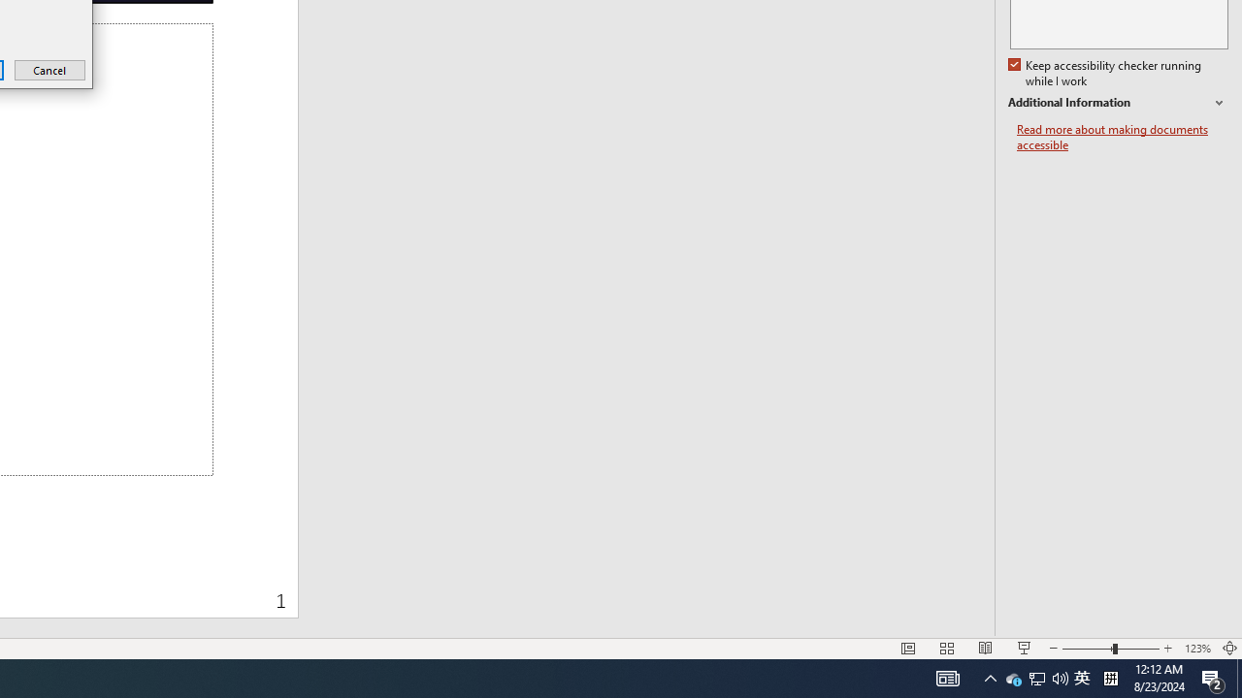  What do you see at coordinates (1196, 649) in the screenshot?
I see `'Zoom 123%'` at bounding box center [1196, 649].